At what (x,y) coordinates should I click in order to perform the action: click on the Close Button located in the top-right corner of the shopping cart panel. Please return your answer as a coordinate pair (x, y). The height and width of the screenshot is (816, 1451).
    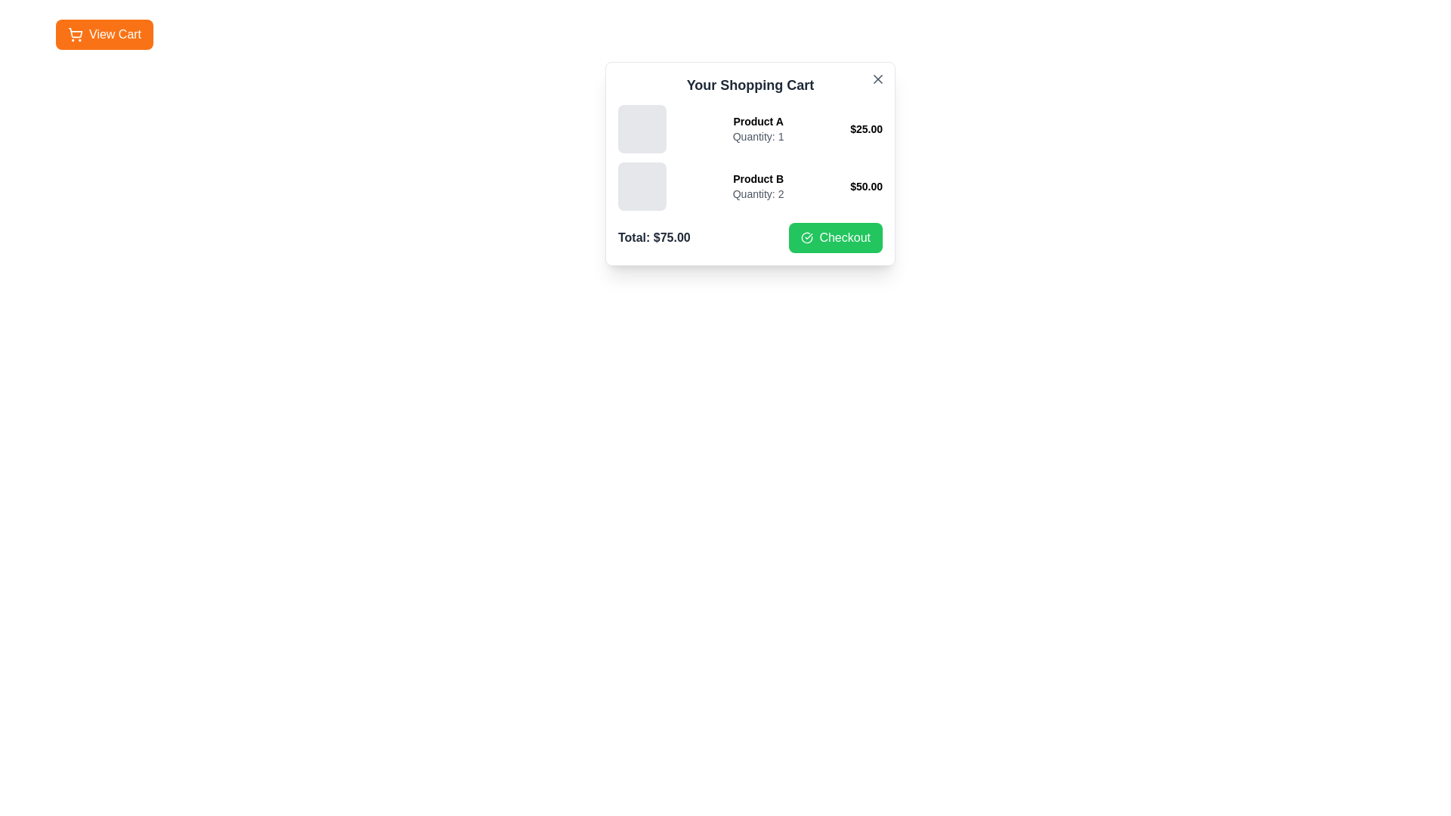
    Looking at the image, I should click on (877, 79).